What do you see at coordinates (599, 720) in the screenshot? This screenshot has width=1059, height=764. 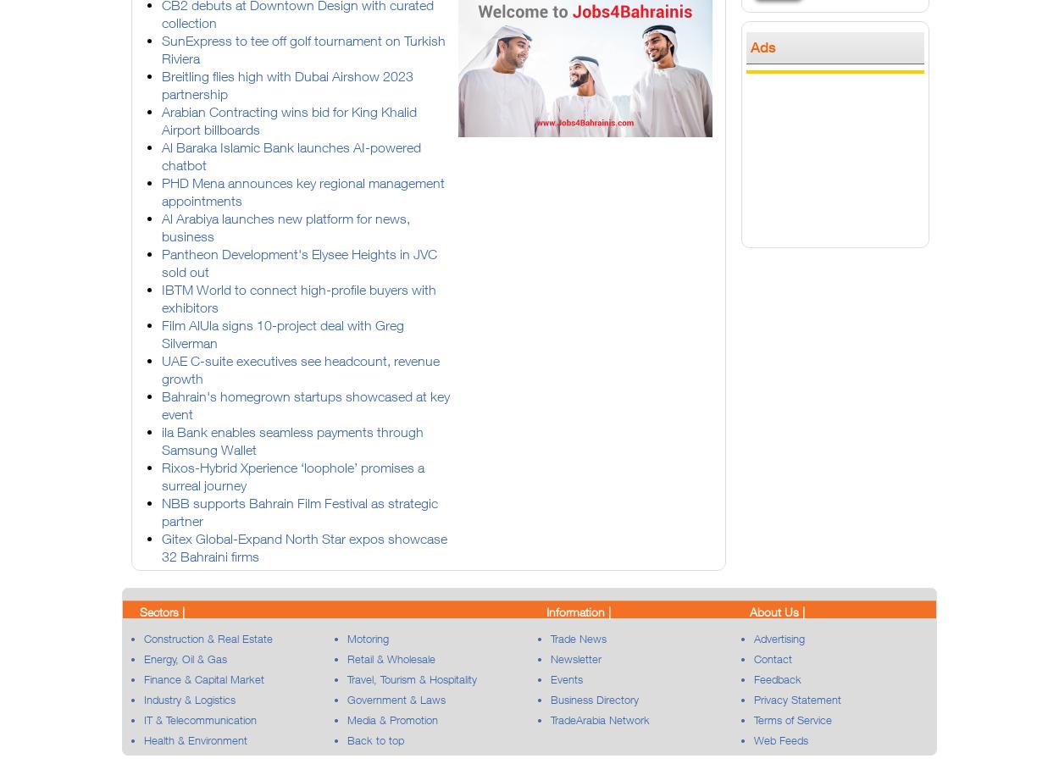 I see `'TradeArabia Network'` at bounding box center [599, 720].